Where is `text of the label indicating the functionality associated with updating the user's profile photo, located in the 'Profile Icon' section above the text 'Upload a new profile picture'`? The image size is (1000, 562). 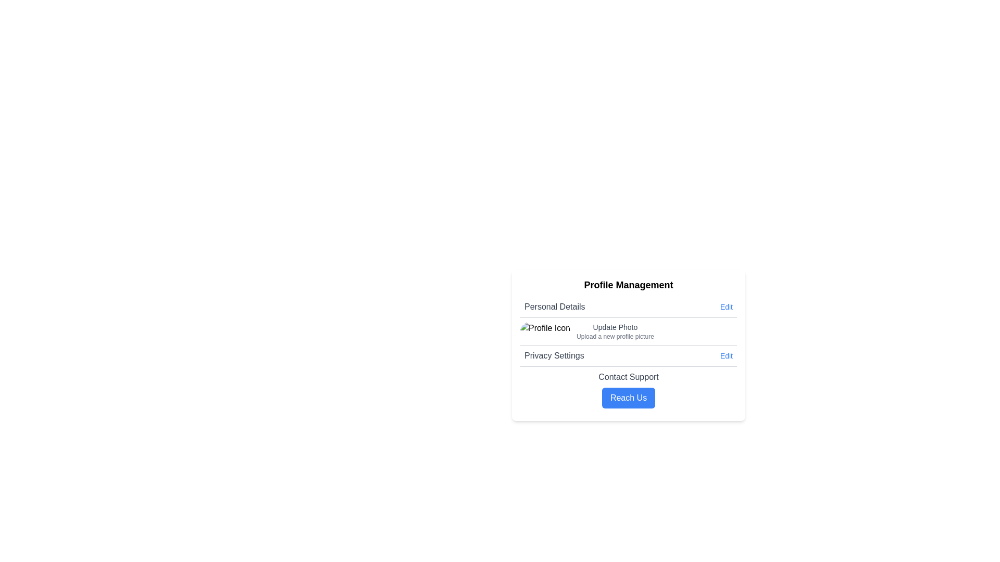 text of the label indicating the functionality associated with updating the user's profile photo, located in the 'Profile Icon' section above the text 'Upload a new profile picture' is located at coordinates (615, 326).